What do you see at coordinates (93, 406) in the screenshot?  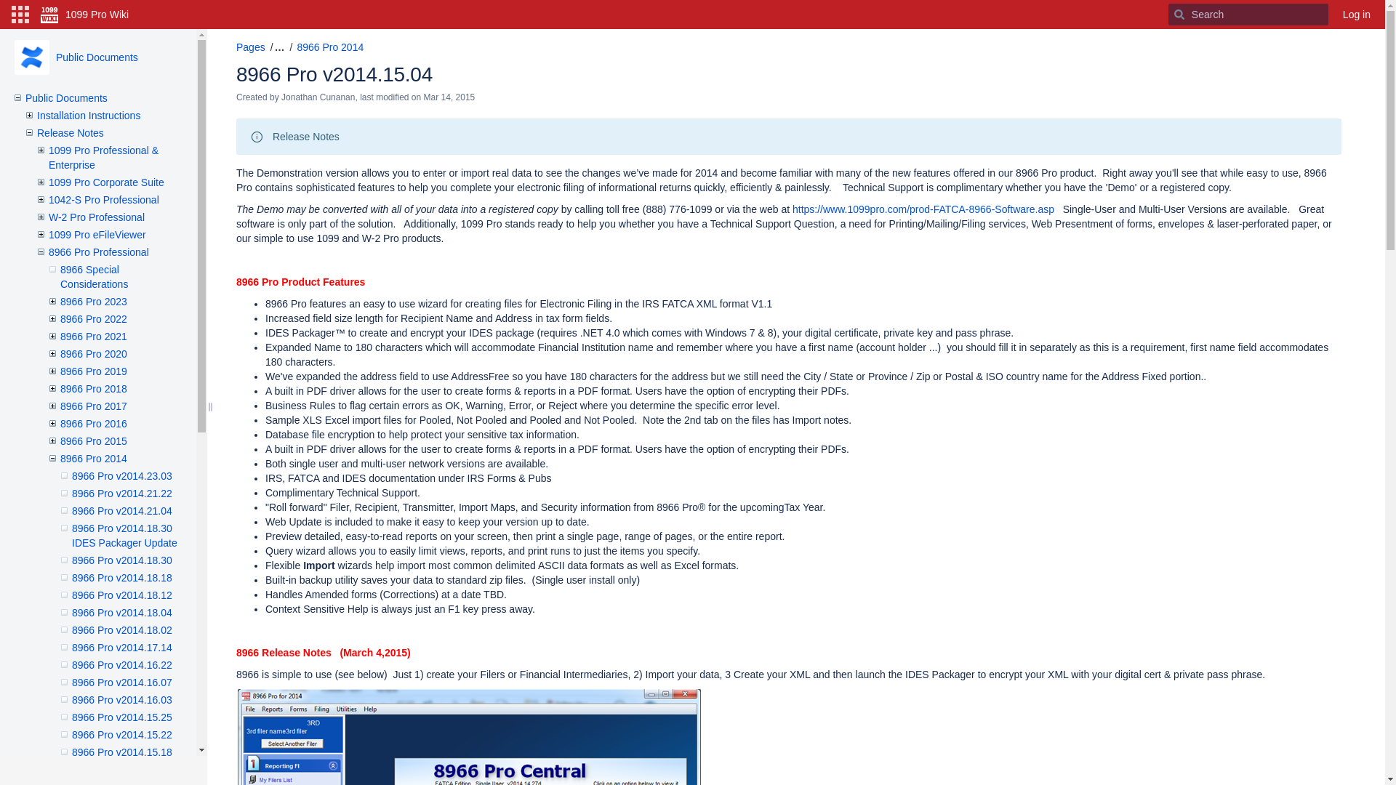 I see `'8966 Pro 2017'` at bounding box center [93, 406].